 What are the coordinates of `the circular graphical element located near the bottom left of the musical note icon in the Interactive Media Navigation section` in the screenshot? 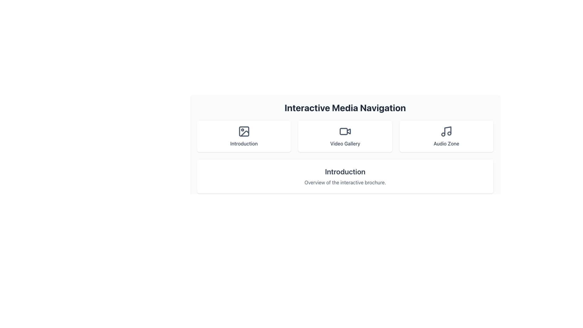 It's located at (443, 134).